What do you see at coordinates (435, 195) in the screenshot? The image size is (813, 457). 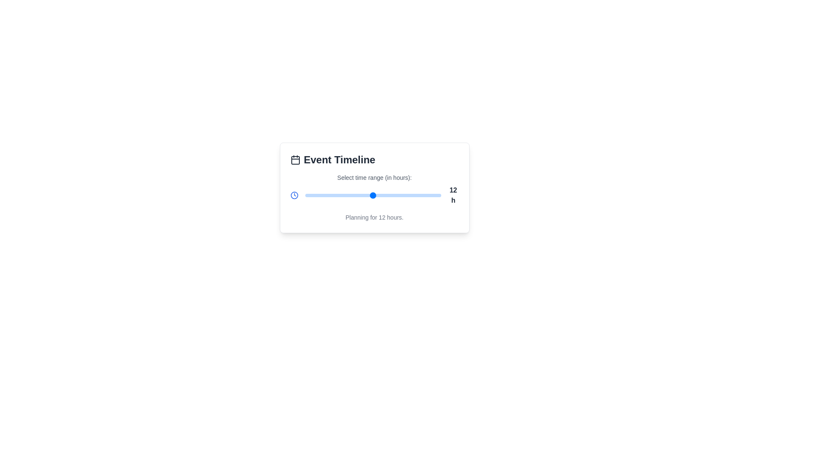 I see `the time range` at bounding box center [435, 195].